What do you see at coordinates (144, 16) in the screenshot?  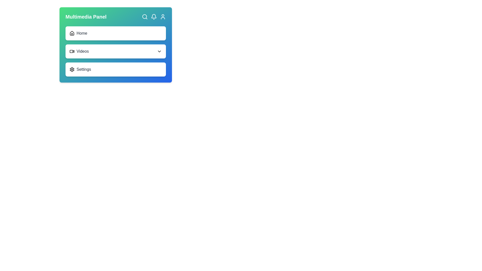 I see `the circular glass component of the search icon located in the top-right corner of the interface` at bounding box center [144, 16].